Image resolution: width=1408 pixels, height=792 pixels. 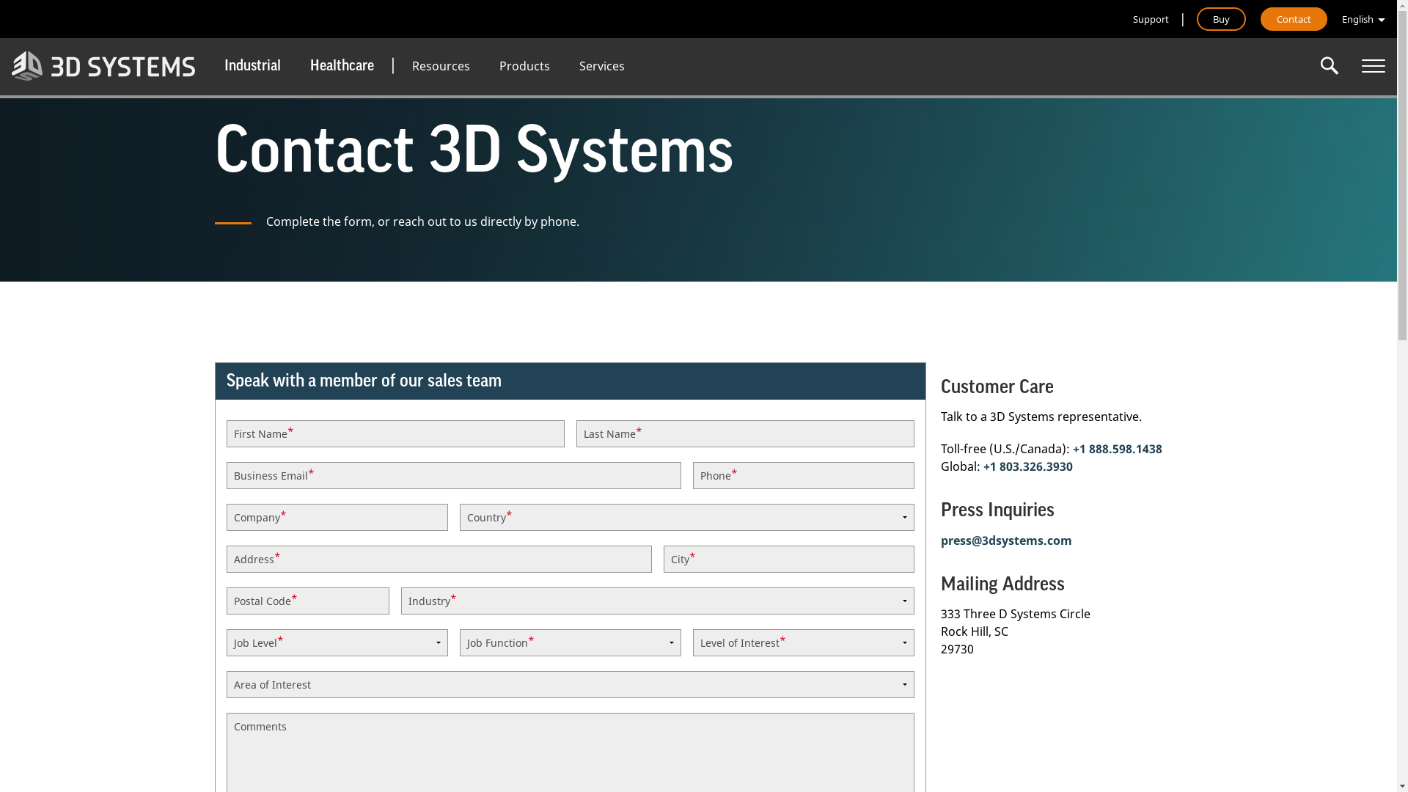 What do you see at coordinates (1294, 19) in the screenshot?
I see `'Contact'` at bounding box center [1294, 19].